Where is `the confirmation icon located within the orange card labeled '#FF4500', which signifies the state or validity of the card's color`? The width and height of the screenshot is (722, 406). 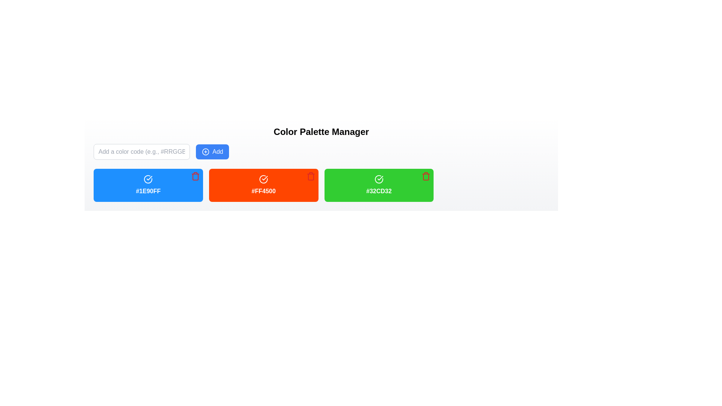
the confirmation icon located within the orange card labeled '#FF4500', which signifies the state or validity of the card's color is located at coordinates (264, 179).